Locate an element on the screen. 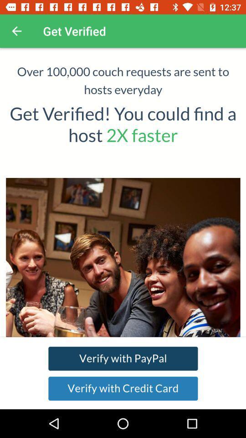 The width and height of the screenshot is (246, 438). previous is located at coordinates (16, 31).